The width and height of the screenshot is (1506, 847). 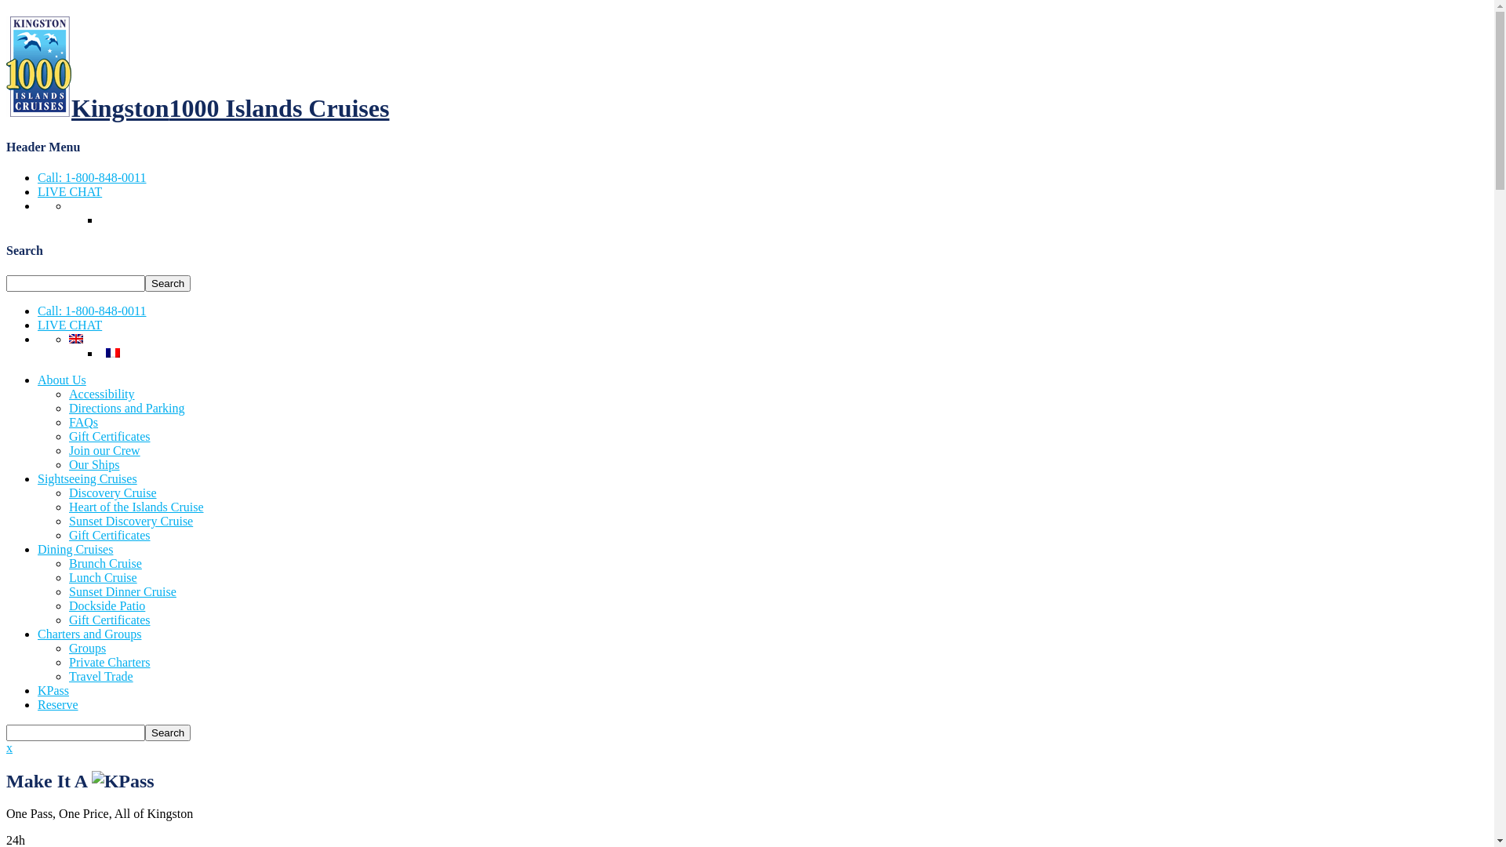 What do you see at coordinates (102, 577) in the screenshot?
I see `'Lunch Cruise'` at bounding box center [102, 577].